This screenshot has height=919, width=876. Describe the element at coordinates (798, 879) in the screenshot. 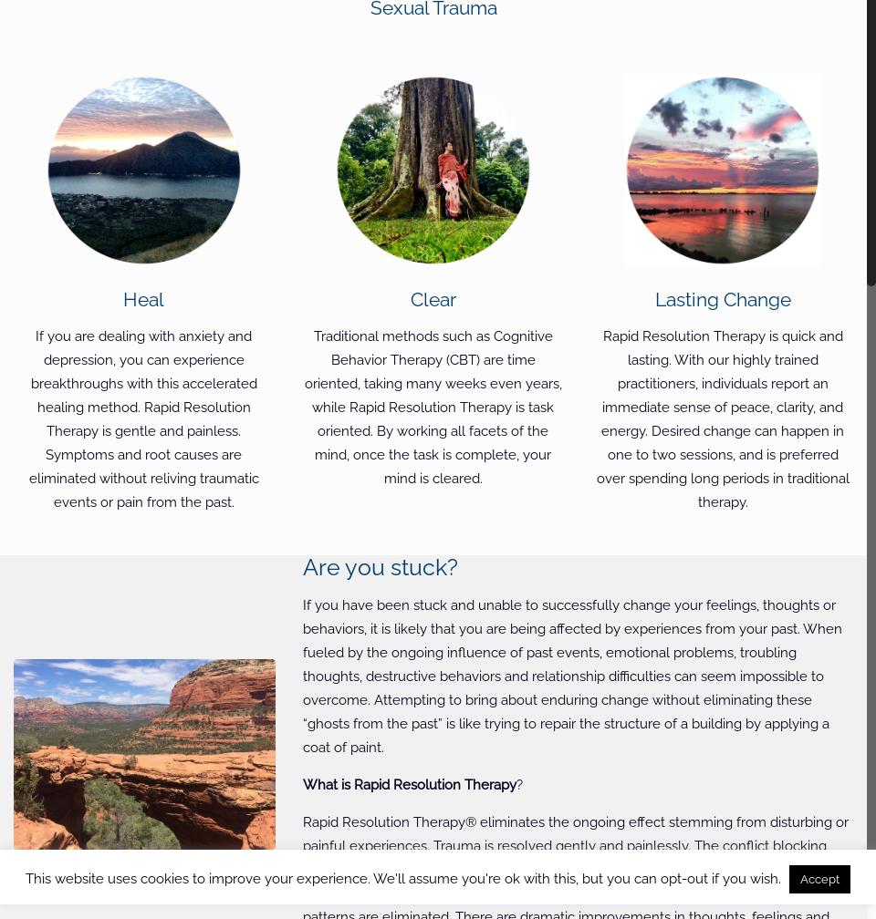

I see `'Accept'` at that location.